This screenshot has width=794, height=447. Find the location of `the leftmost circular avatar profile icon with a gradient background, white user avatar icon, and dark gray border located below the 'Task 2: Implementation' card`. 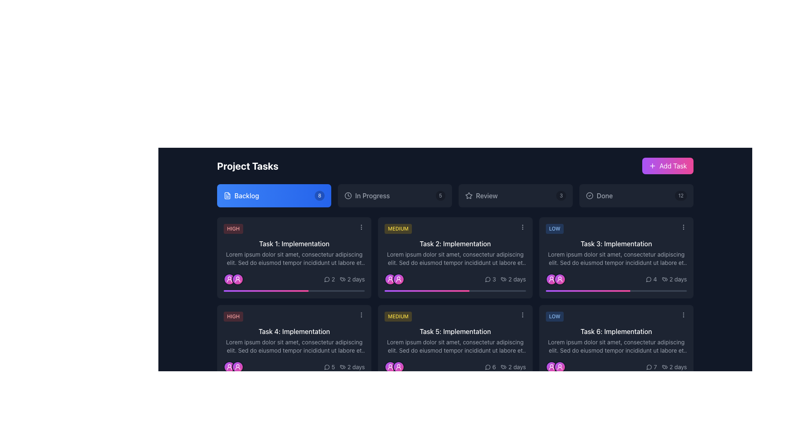

the leftmost circular avatar profile icon with a gradient background, white user avatar icon, and dark gray border located below the 'Task 2: Implementation' card is located at coordinates (390, 279).